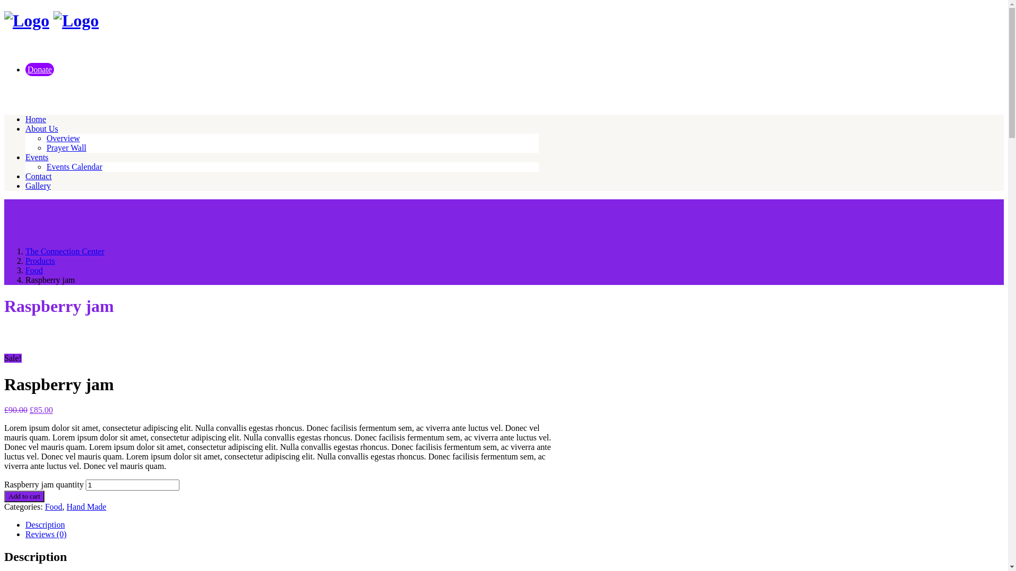 This screenshot has height=571, width=1016. I want to click on 'Home', so click(25, 119).